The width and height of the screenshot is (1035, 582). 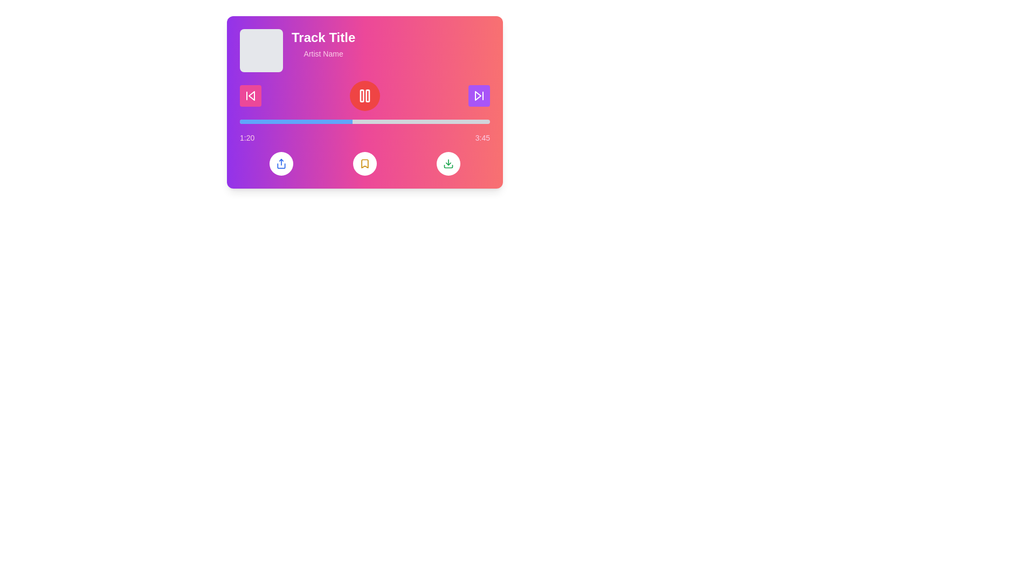 I want to click on the informational text block that displays 'Track Title' in large white bold font and 'Artist Name' in smaller light pink font, located centrally at the top of the interface, so click(x=323, y=50).